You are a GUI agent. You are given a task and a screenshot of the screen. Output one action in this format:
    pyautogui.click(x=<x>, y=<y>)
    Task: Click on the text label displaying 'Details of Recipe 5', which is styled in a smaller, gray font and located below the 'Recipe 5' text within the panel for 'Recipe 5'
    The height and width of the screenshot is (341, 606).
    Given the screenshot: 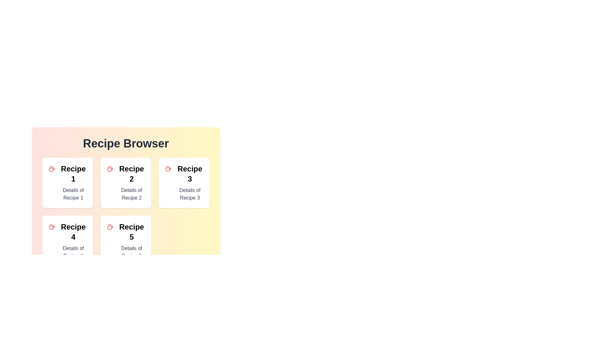 What is the action you would take?
    pyautogui.click(x=131, y=252)
    